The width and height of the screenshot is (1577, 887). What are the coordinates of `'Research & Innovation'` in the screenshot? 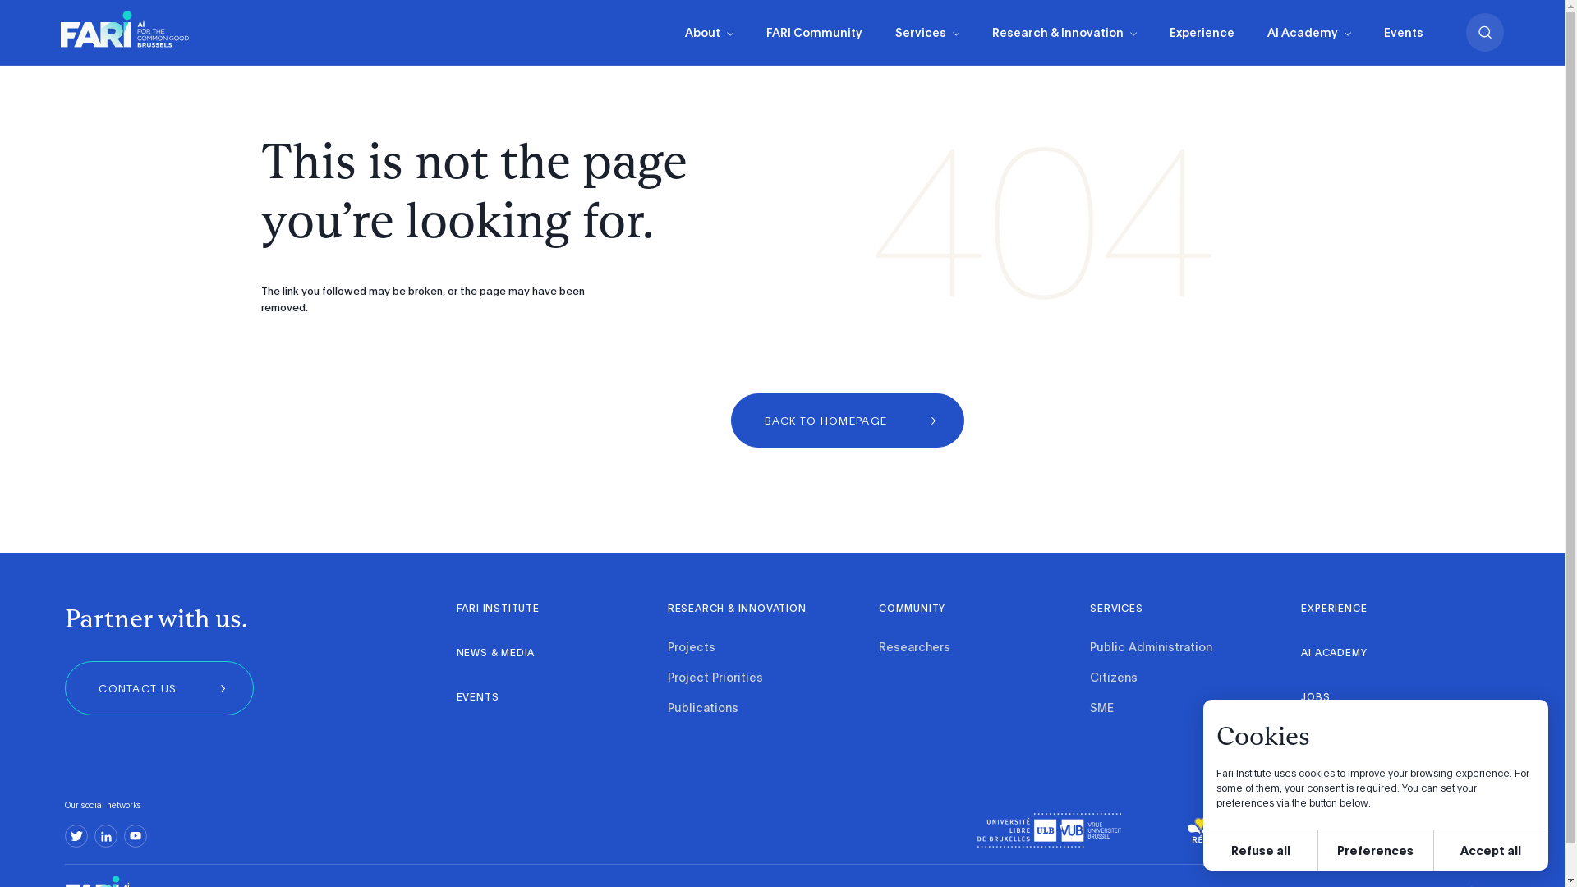 It's located at (976, 32).